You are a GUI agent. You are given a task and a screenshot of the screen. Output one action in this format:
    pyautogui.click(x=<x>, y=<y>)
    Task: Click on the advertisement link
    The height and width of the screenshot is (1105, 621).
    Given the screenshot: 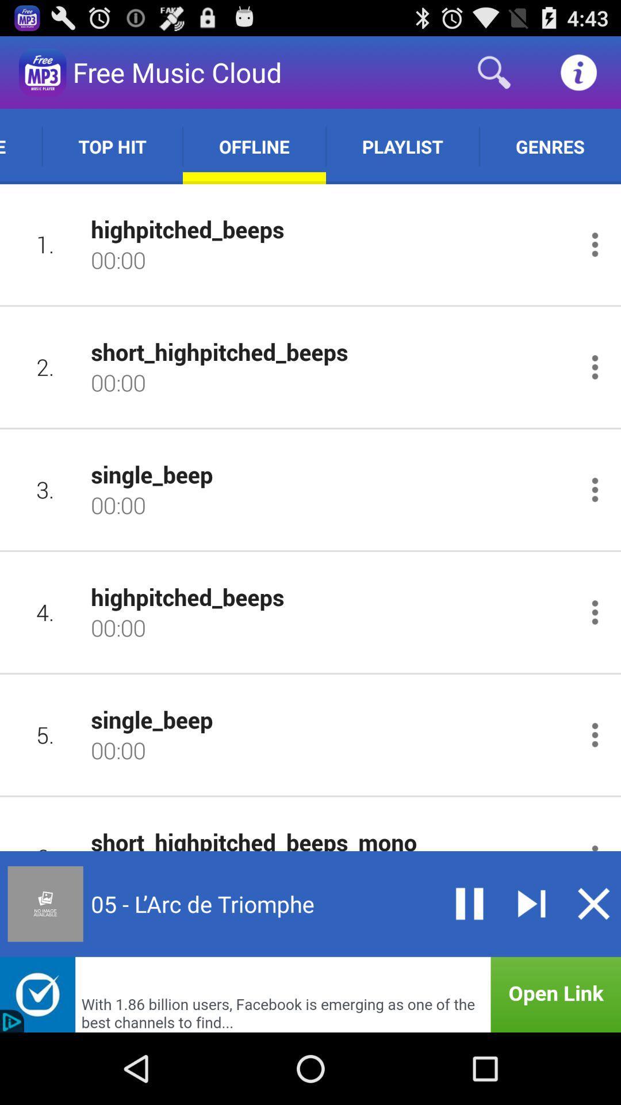 What is the action you would take?
    pyautogui.click(x=310, y=994)
    